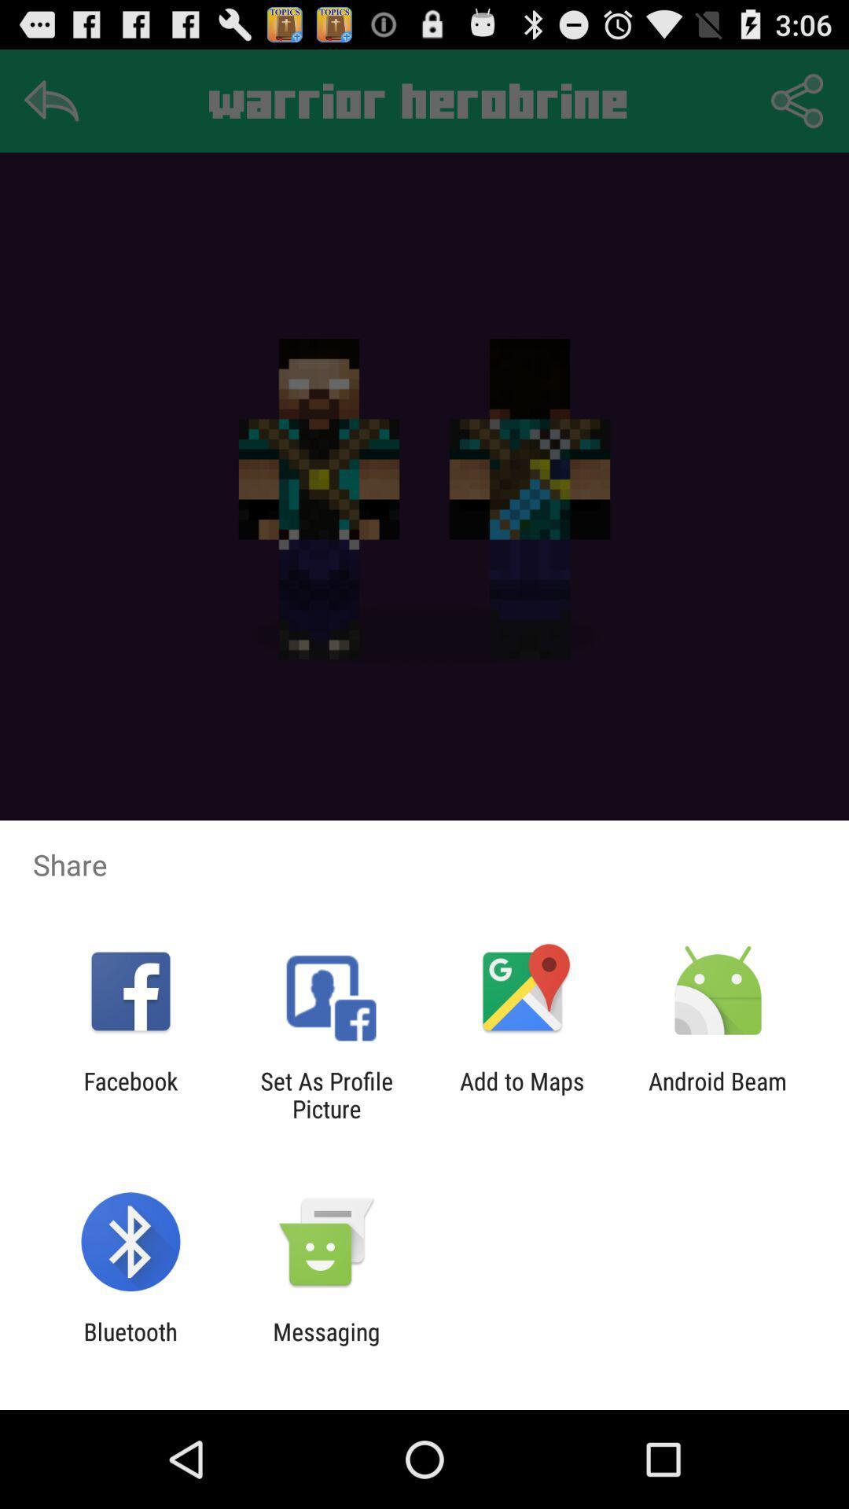 The image size is (849, 1509). I want to click on item to the left of add to maps icon, so click(325, 1094).